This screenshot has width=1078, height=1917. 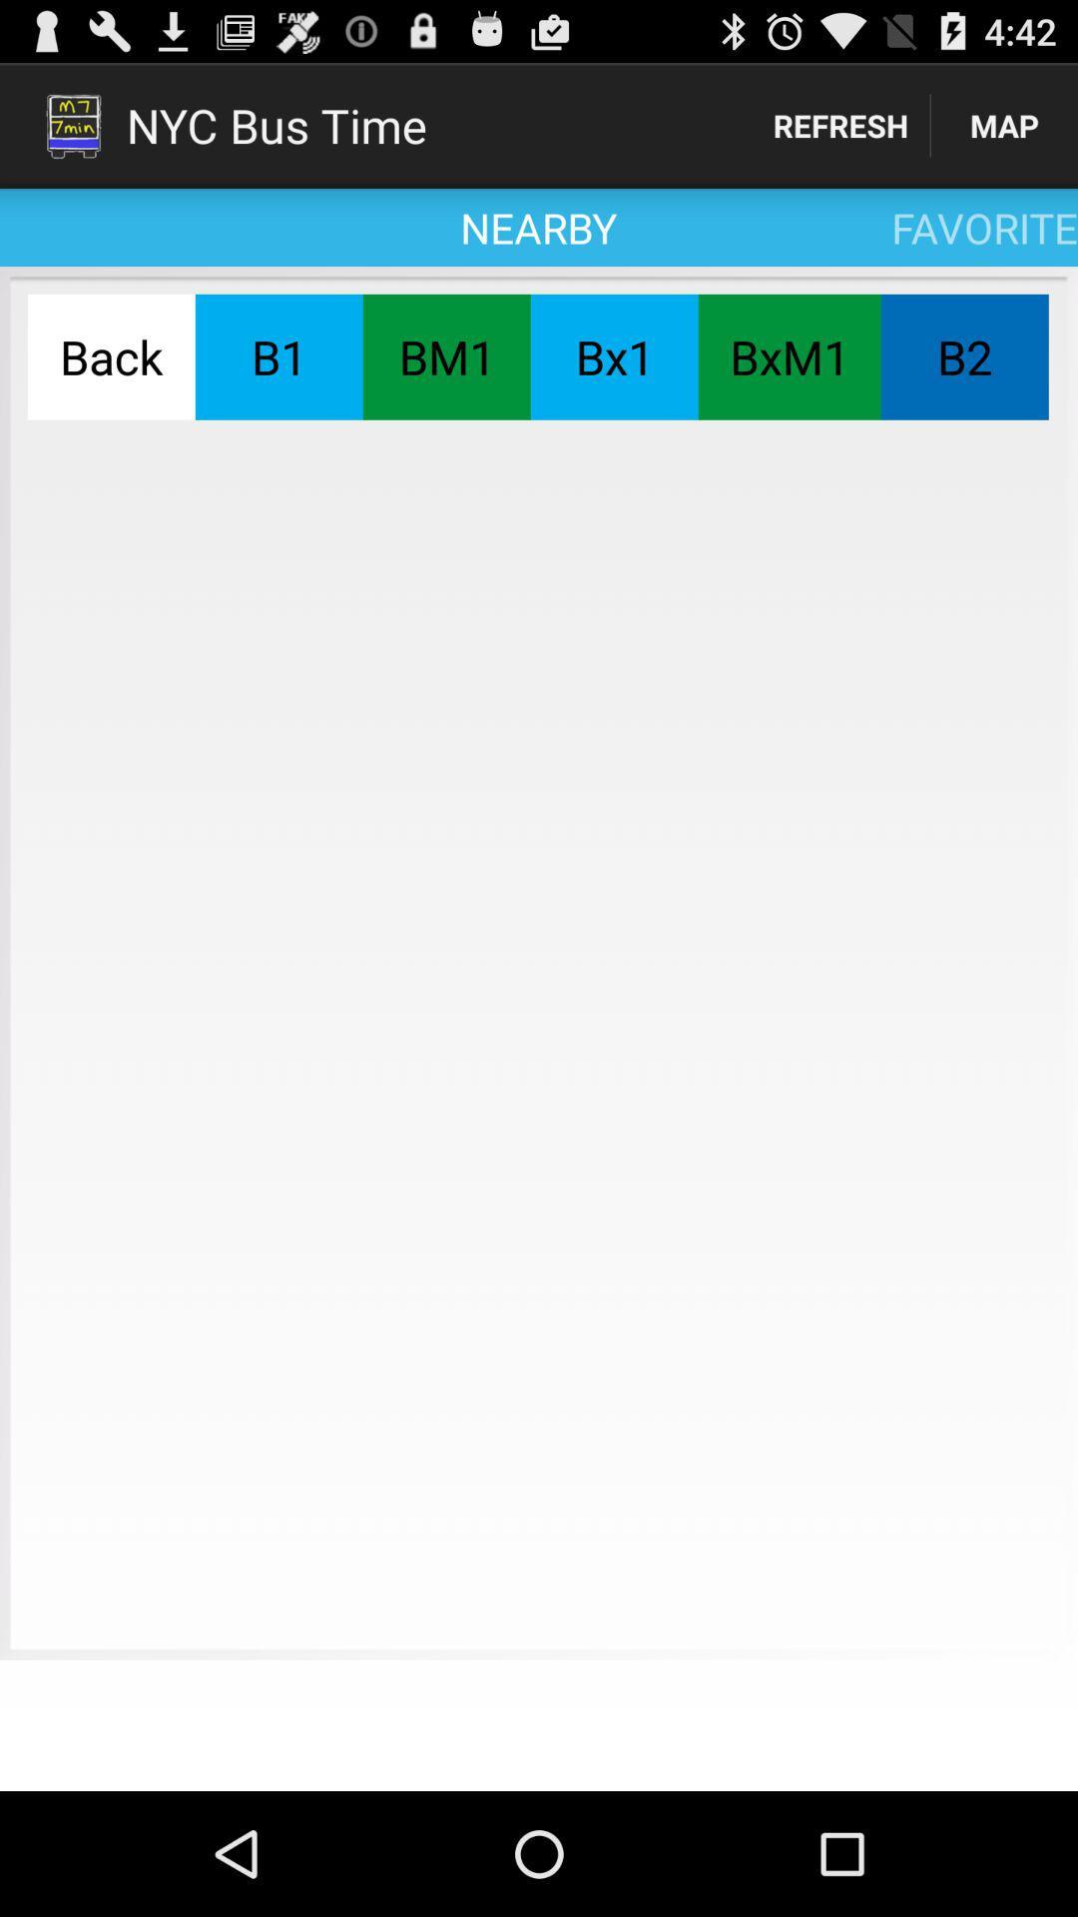 What do you see at coordinates (789, 356) in the screenshot?
I see `the button to the right of bx1 button` at bounding box center [789, 356].